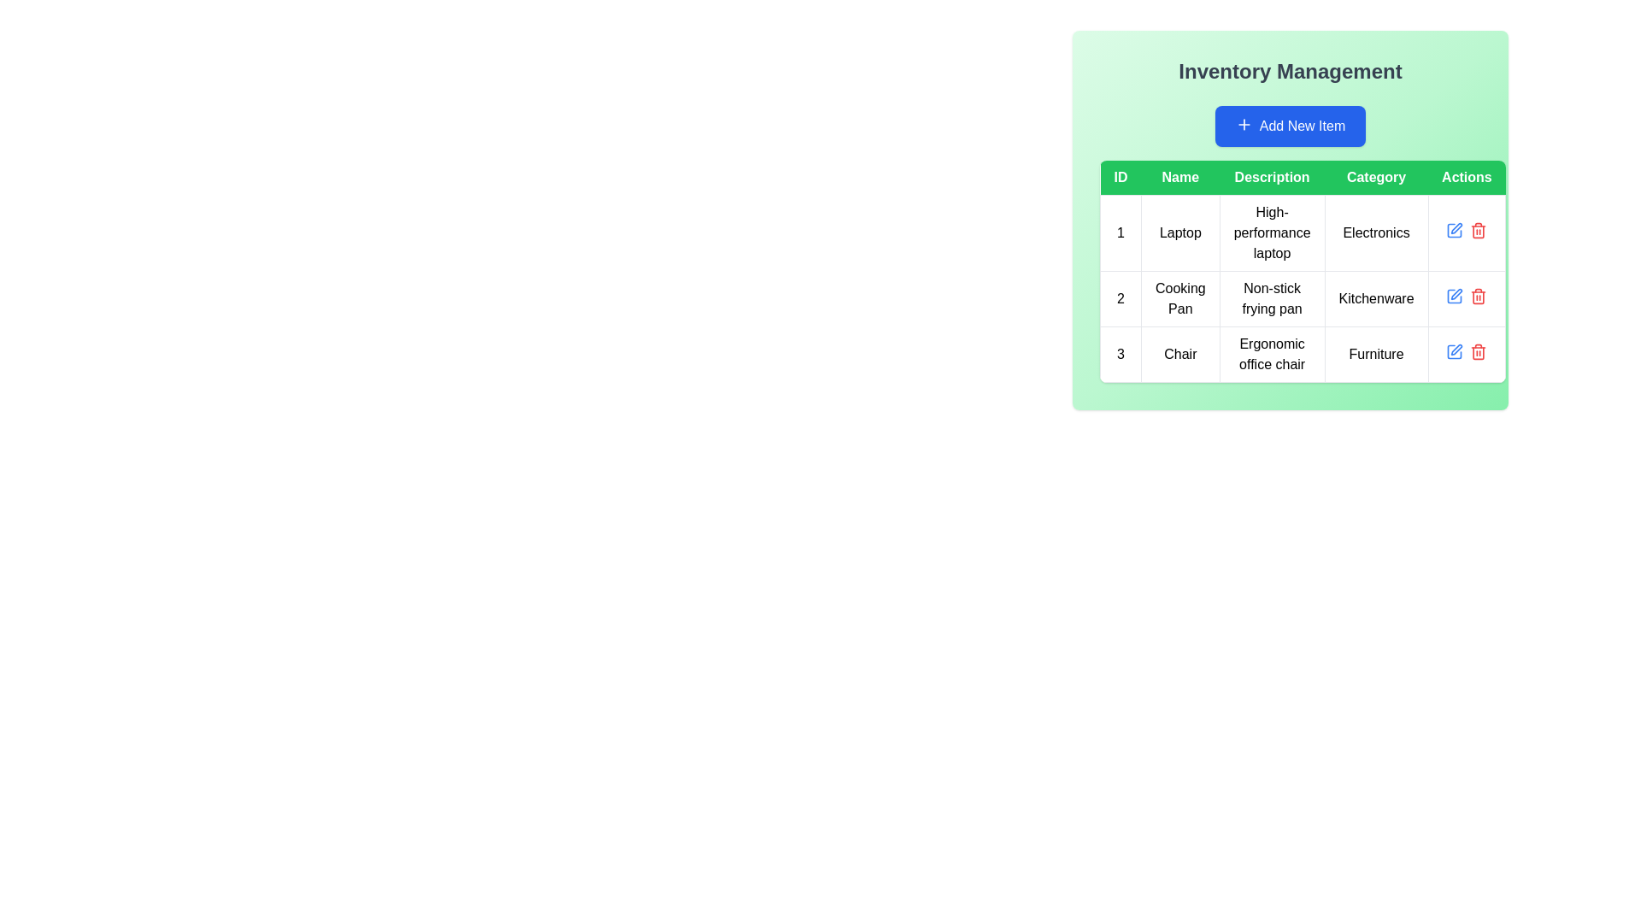 The width and height of the screenshot is (1641, 923). What do you see at coordinates (1179, 298) in the screenshot?
I see `the 'Cooking Pan' text label, which is styled with centered alignment and located in the 'Name' column of the table, associated with ID '2'` at bounding box center [1179, 298].